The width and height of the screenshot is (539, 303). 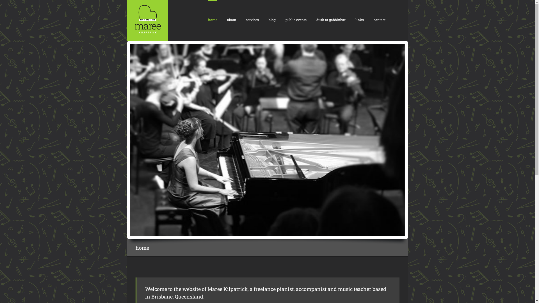 I want to click on 'public events', so click(x=295, y=19).